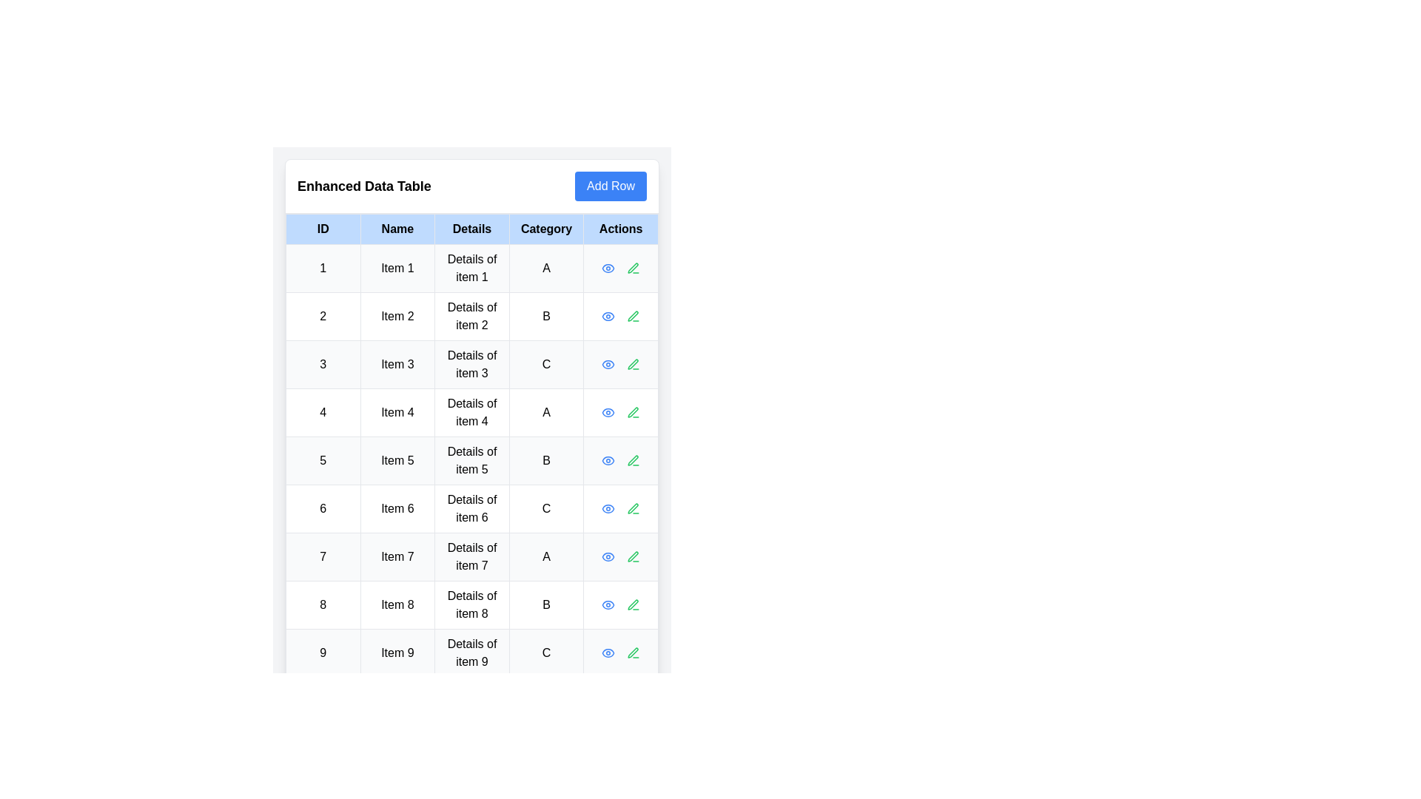 Image resolution: width=1421 pixels, height=799 pixels. Describe the element at coordinates (397, 268) in the screenshot. I see `the static text element displaying the item's name located in the second cell of the first row in the table under the 'Name' column` at that location.